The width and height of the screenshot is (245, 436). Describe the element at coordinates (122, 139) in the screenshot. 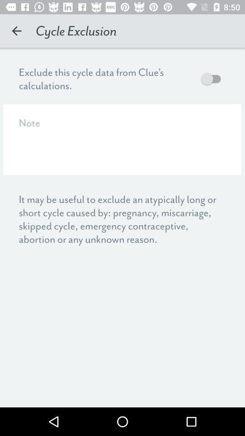

I see `type notes` at that location.